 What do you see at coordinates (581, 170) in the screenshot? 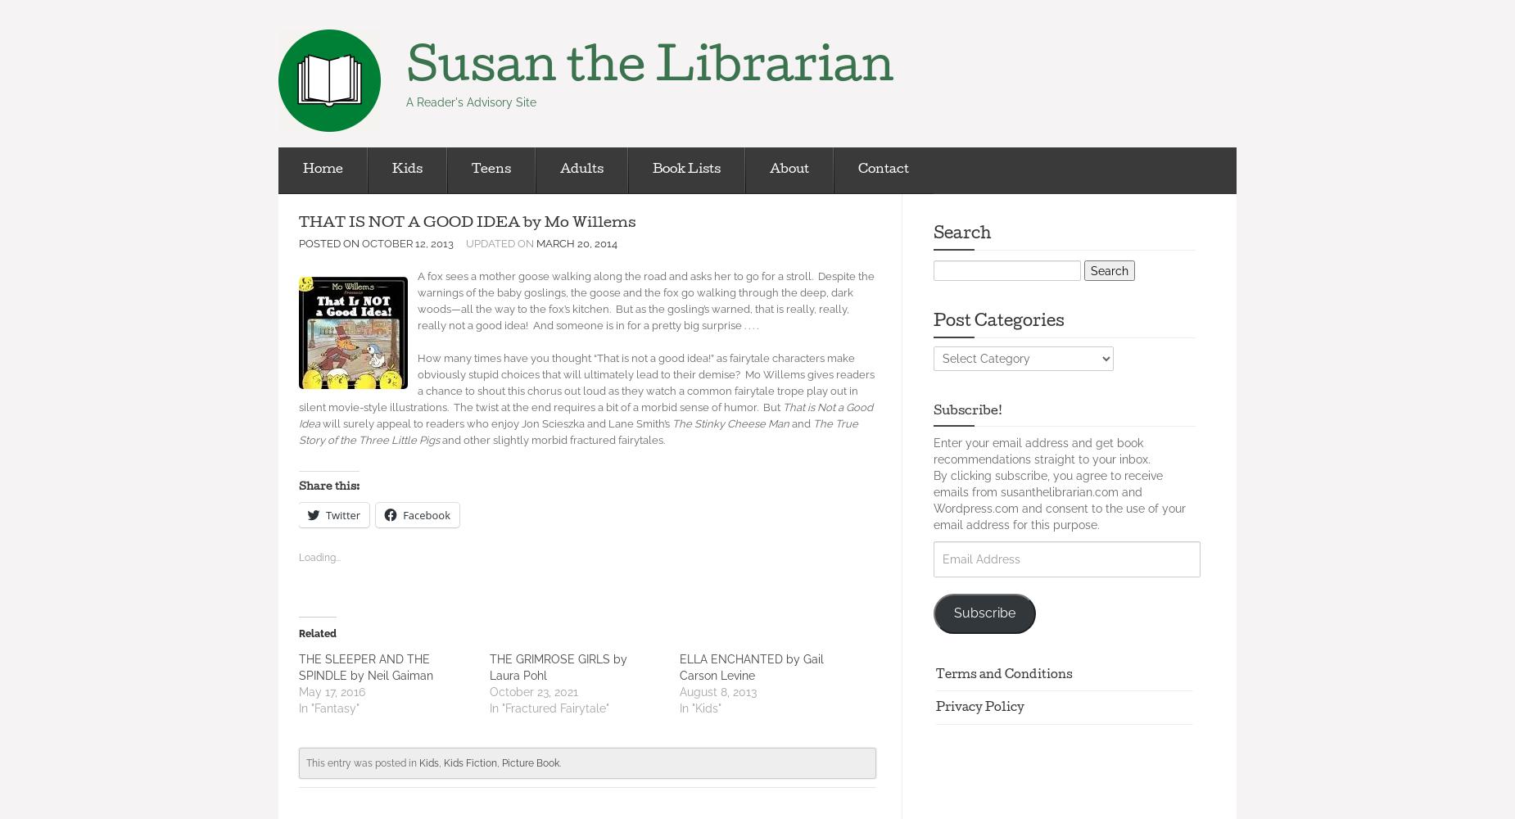
I see `'Adults'` at bounding box center [581, 170].